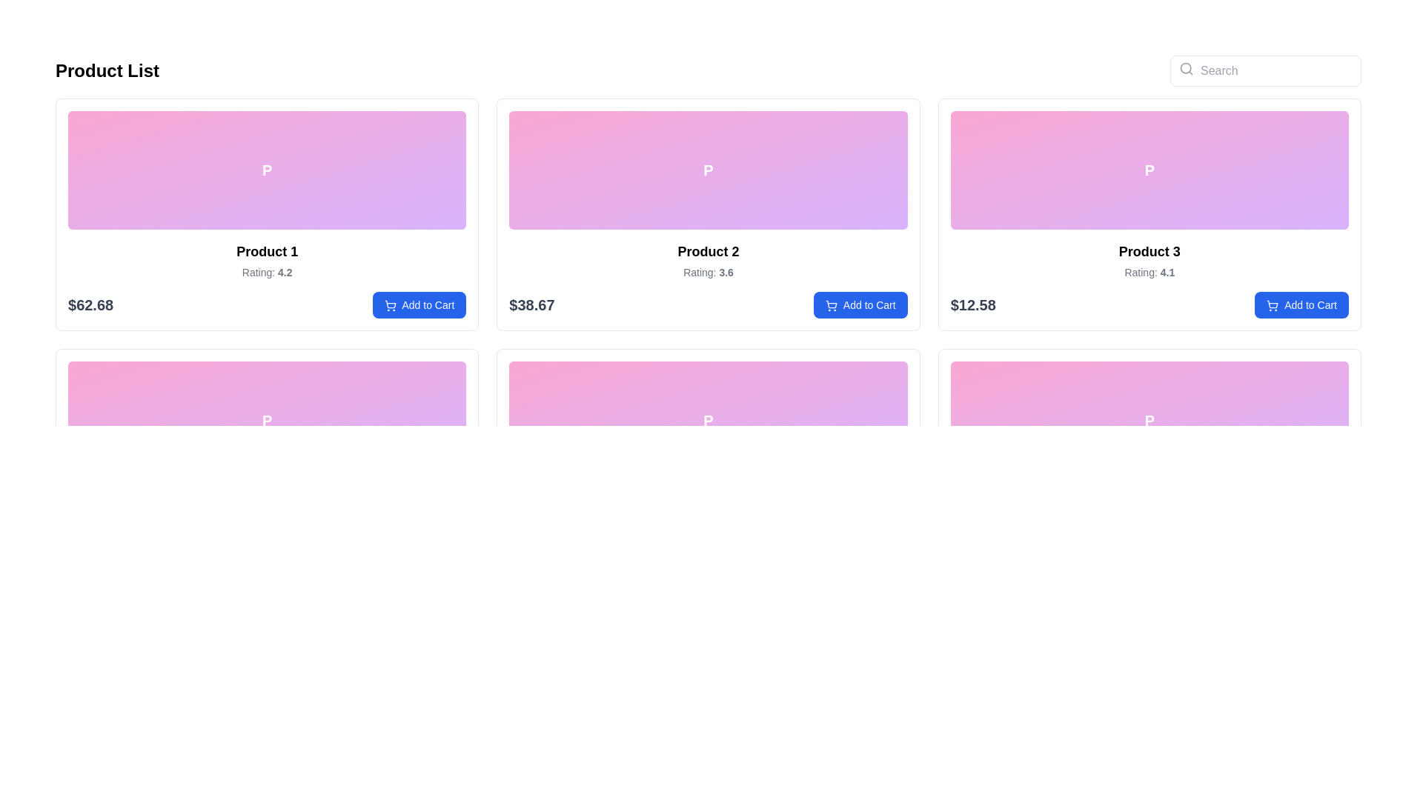  I want to click on text content of the price label for 'Product 1', which is displayed in bold and large font below its title and aligned to the left within the product card, so click(90, 304).